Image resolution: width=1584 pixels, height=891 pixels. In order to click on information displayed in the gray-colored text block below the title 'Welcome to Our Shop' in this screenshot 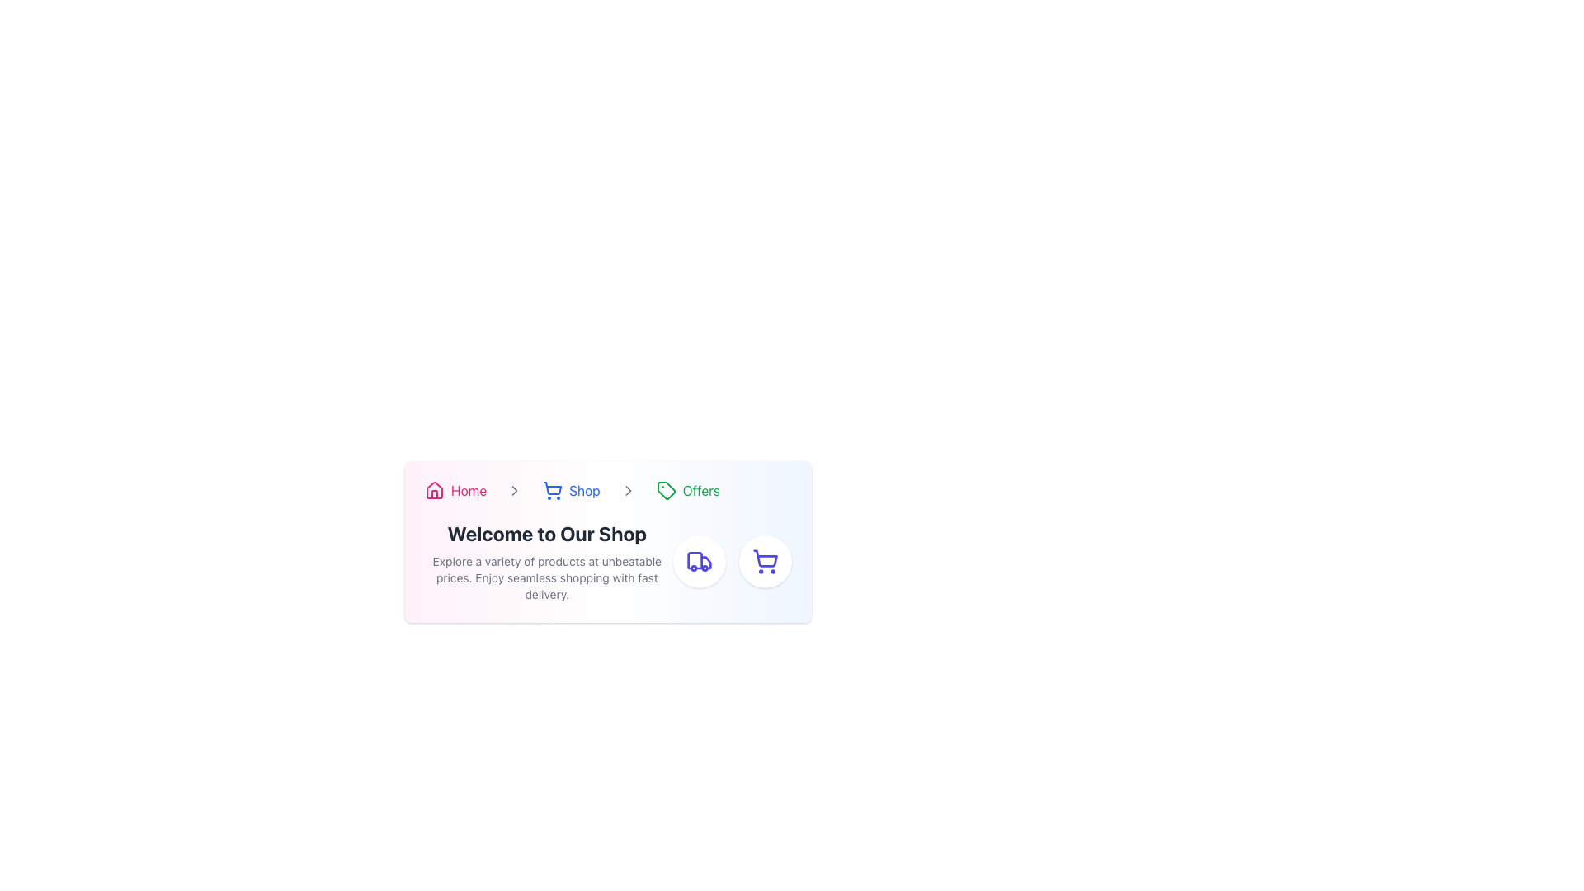, I will do `click(547, 577)`.